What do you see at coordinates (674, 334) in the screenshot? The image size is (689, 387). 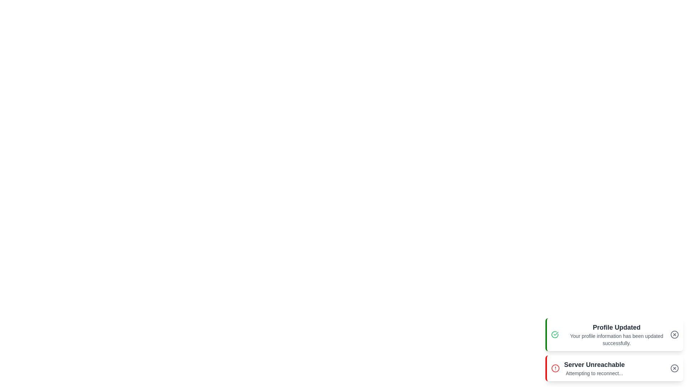 I see `close button of the notification titled 'Profile Updated'` at bounding box center [674, 334].